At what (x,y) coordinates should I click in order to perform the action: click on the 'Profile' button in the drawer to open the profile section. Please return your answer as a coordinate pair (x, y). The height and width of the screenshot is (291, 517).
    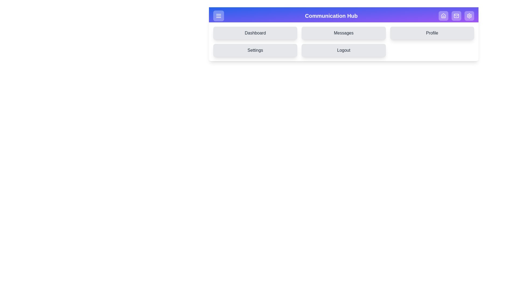
    Looking at the image, I should click on (432, 33).